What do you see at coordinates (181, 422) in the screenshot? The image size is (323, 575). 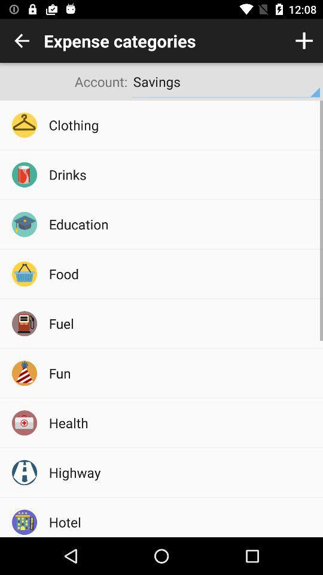 I see `the item above highway item` at bounding box center [181, 422].